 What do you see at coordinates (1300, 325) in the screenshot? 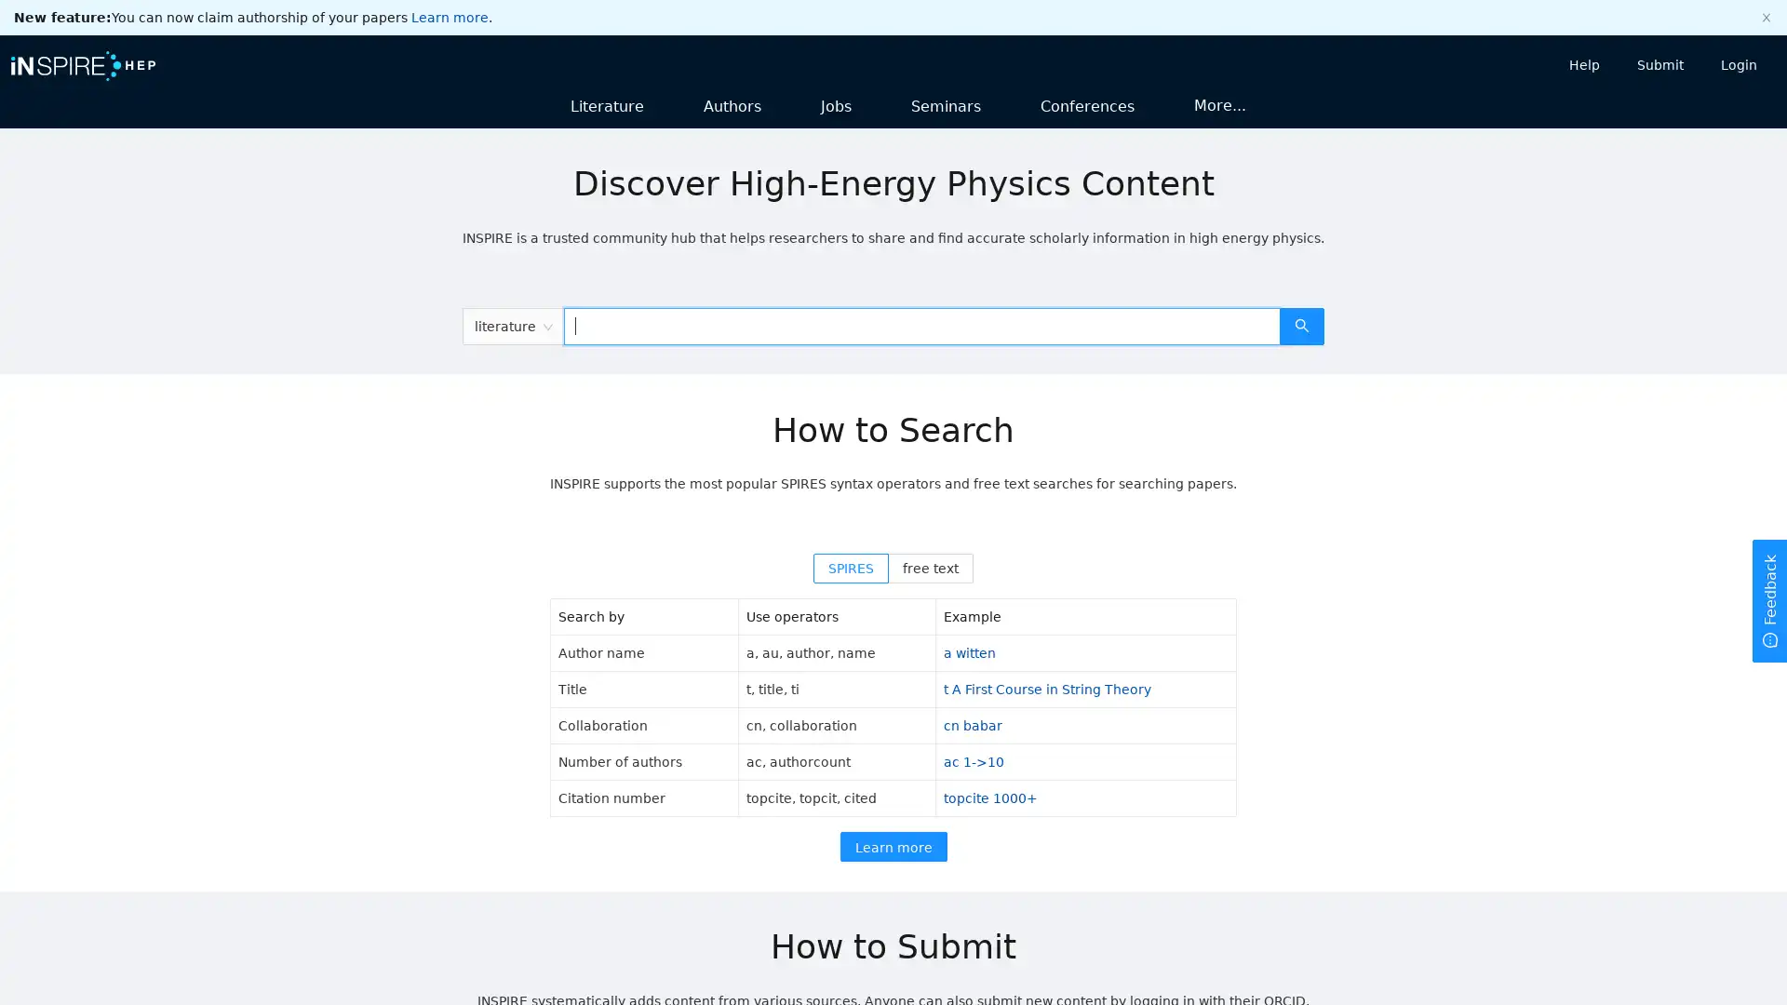
I see `search` at bounding box center [1300, 325].